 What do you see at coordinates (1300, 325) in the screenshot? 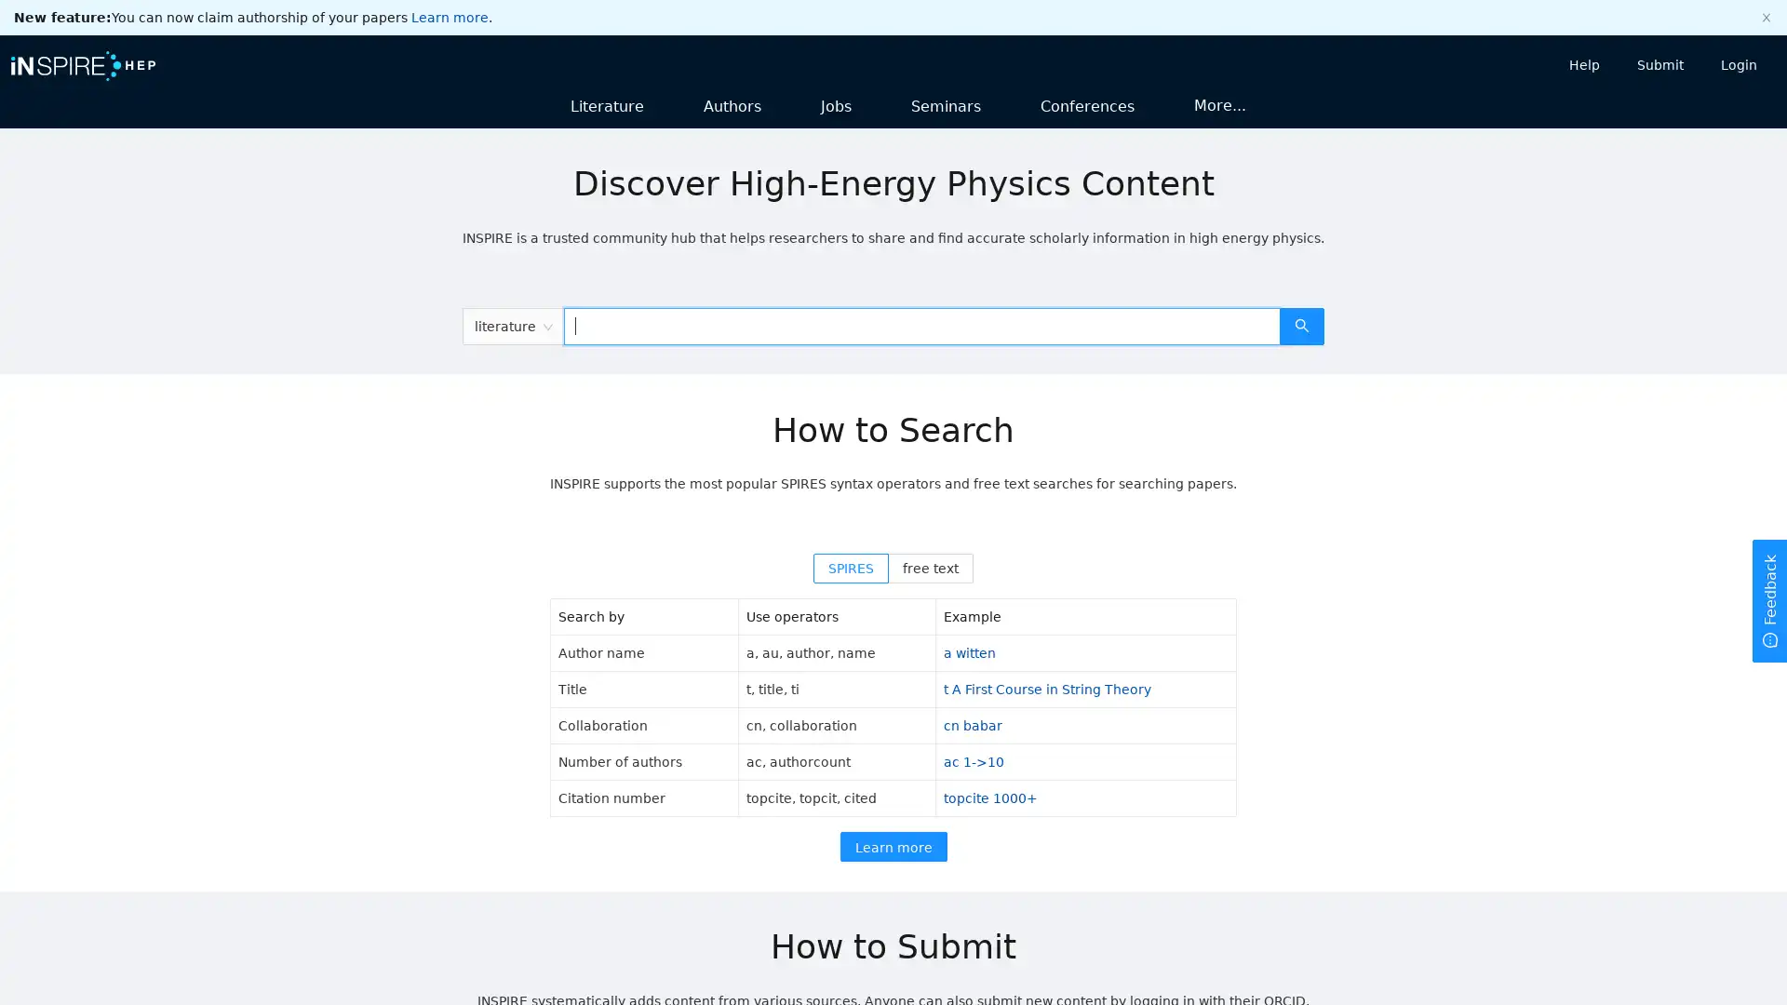
I see `search` at bounding box center [1300, 325].